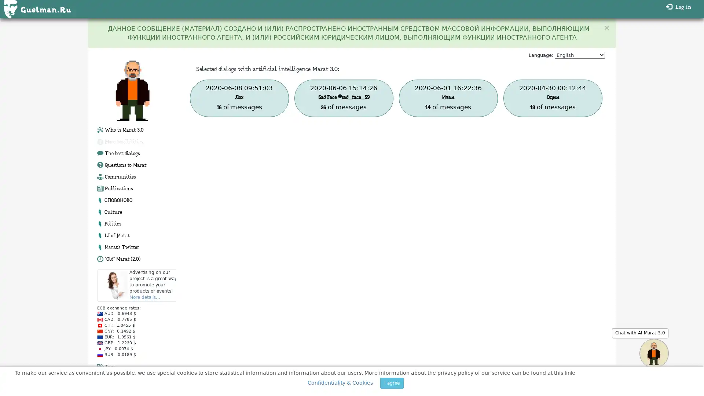 This screenshot has height=396, width=704. I want to click on I agree, so click(392, 383).